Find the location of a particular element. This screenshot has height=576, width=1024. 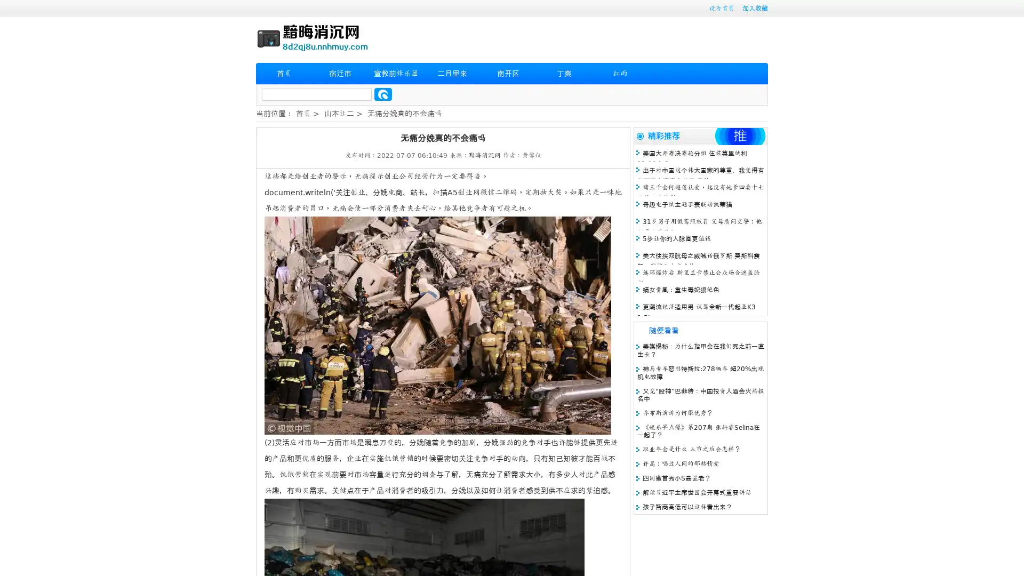

Search is located at coordinates (383, 94).